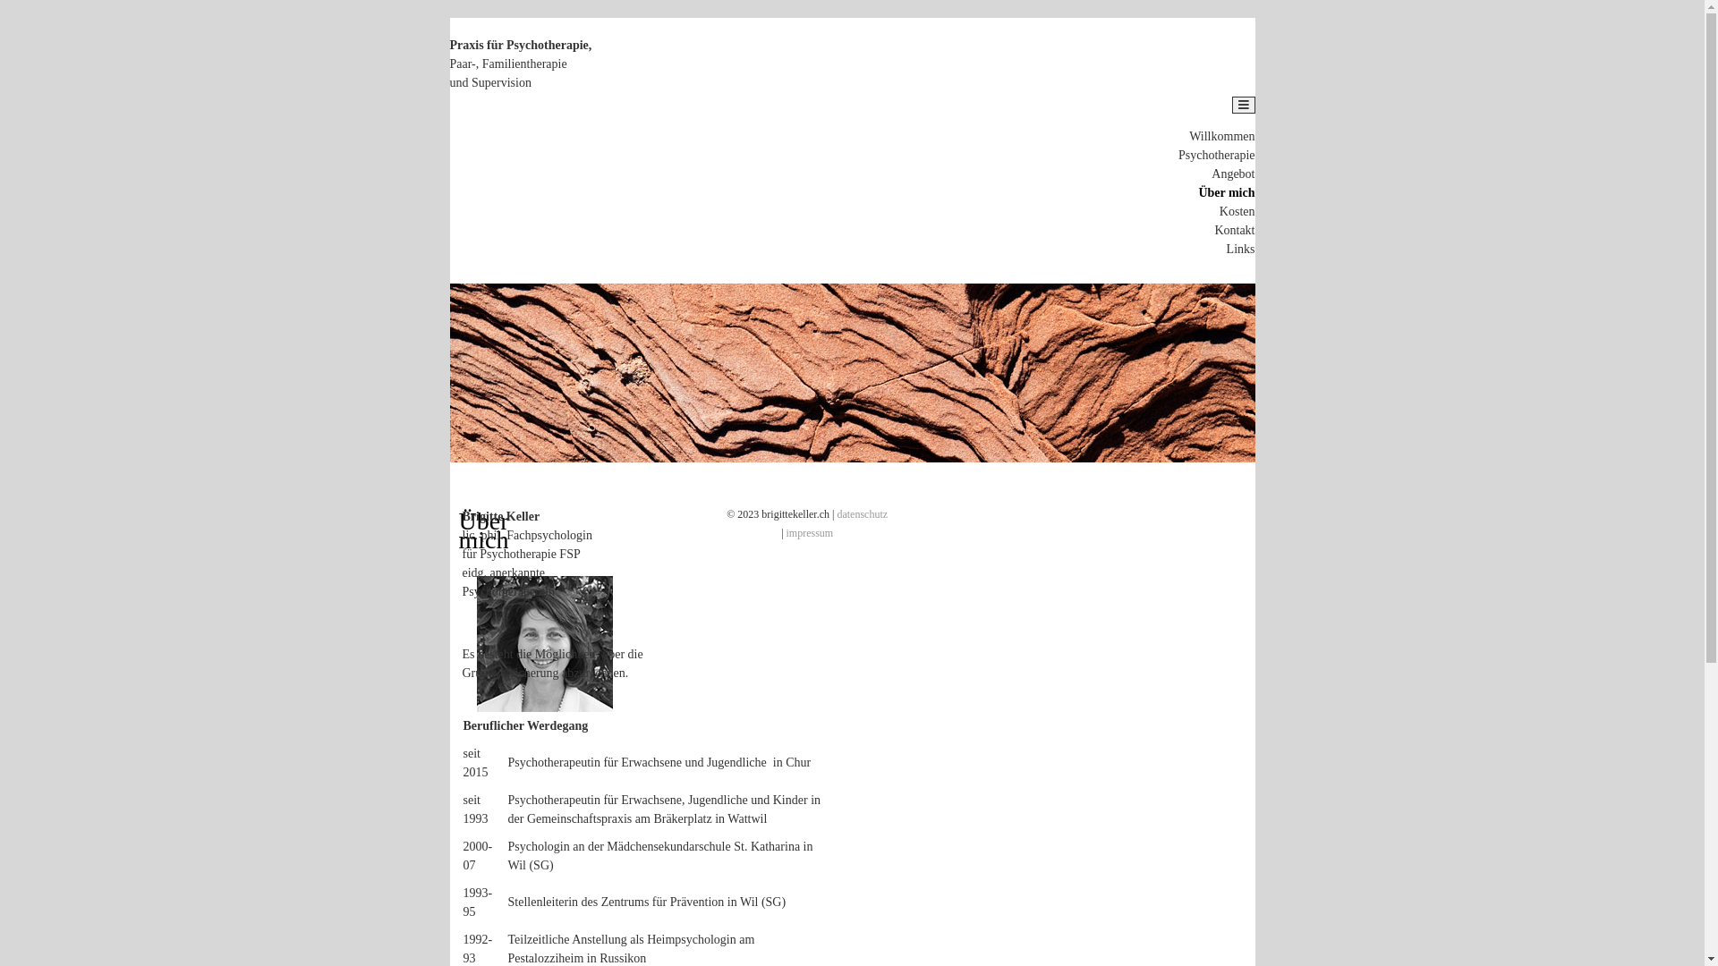 The image size is (1718, 966). What do you see at coordinates (786, 532) in the screenshot?
I see `'impressum'` at bounding box center [786, 532].